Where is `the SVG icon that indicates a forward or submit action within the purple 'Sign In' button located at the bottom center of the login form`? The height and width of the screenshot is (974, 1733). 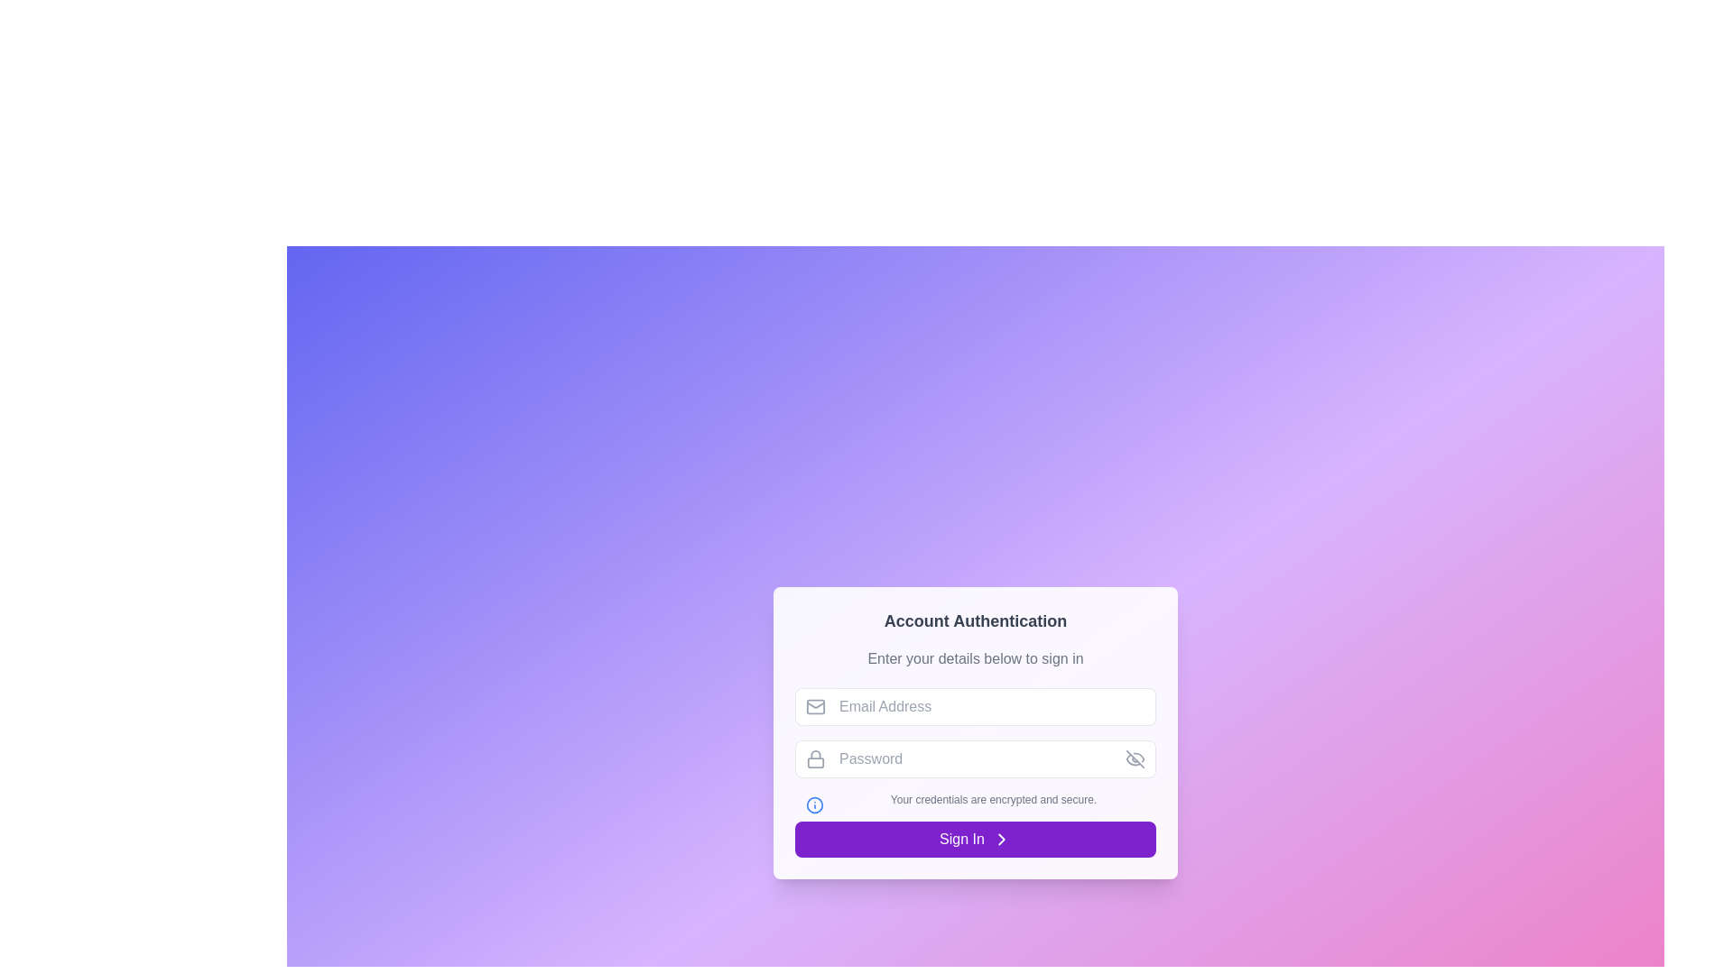
the SVG icon that indicates a forward or submit action within the purple 'Sign In' button located at the bottom center of the login form is located at coordinates (1000, 839).